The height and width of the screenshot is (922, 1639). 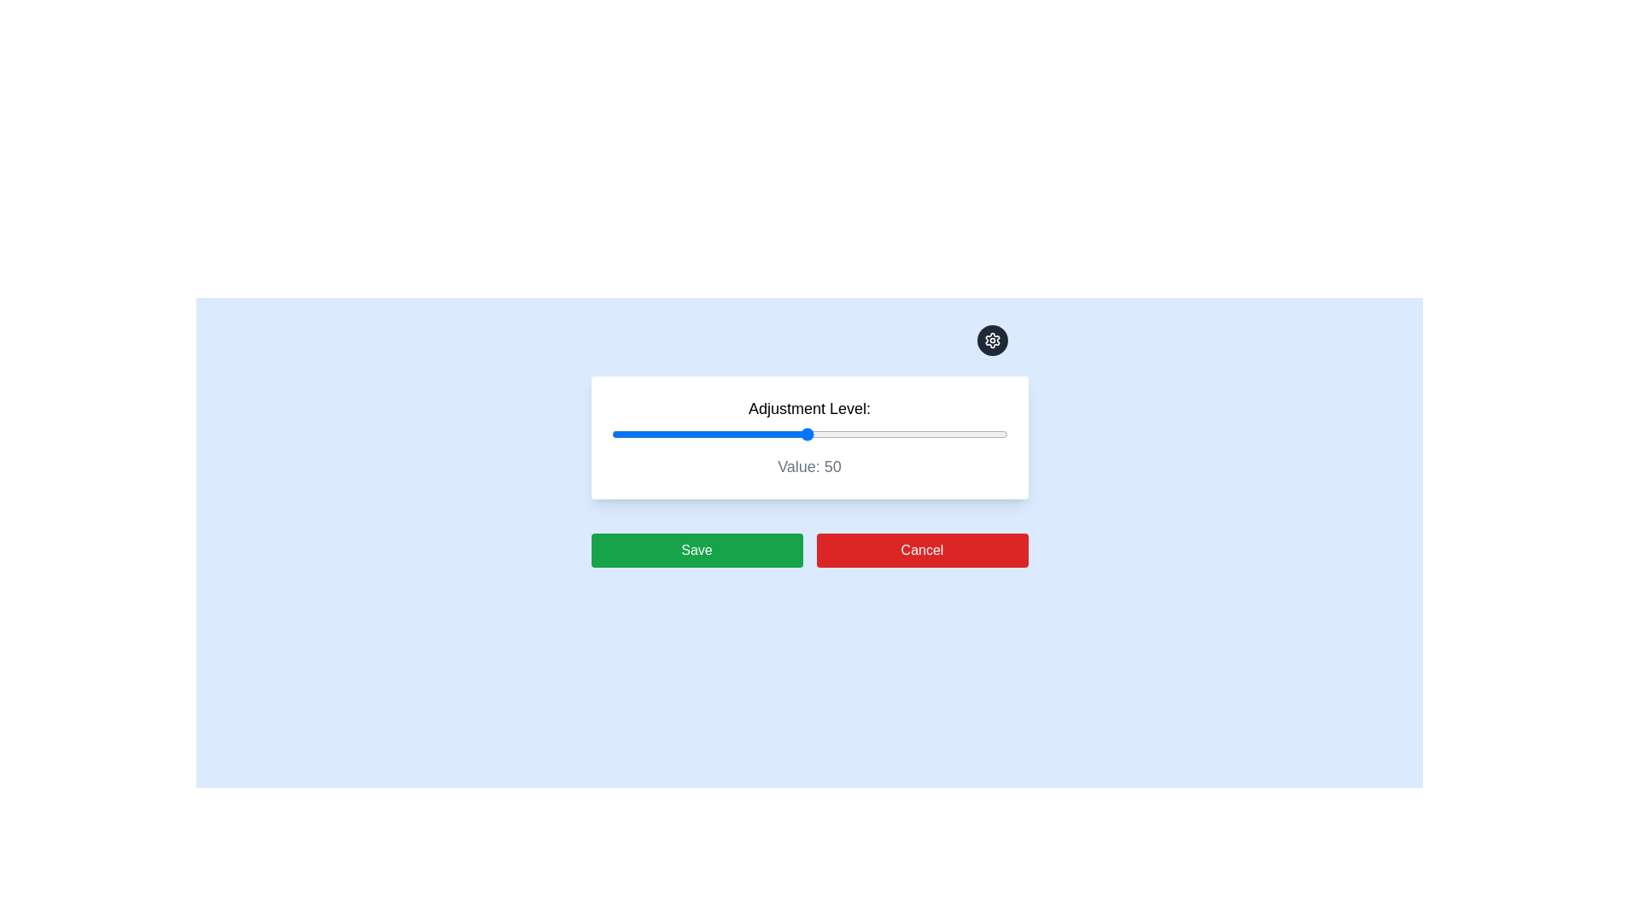 I want to click on the adjustment level, so click(x=646, y=434).